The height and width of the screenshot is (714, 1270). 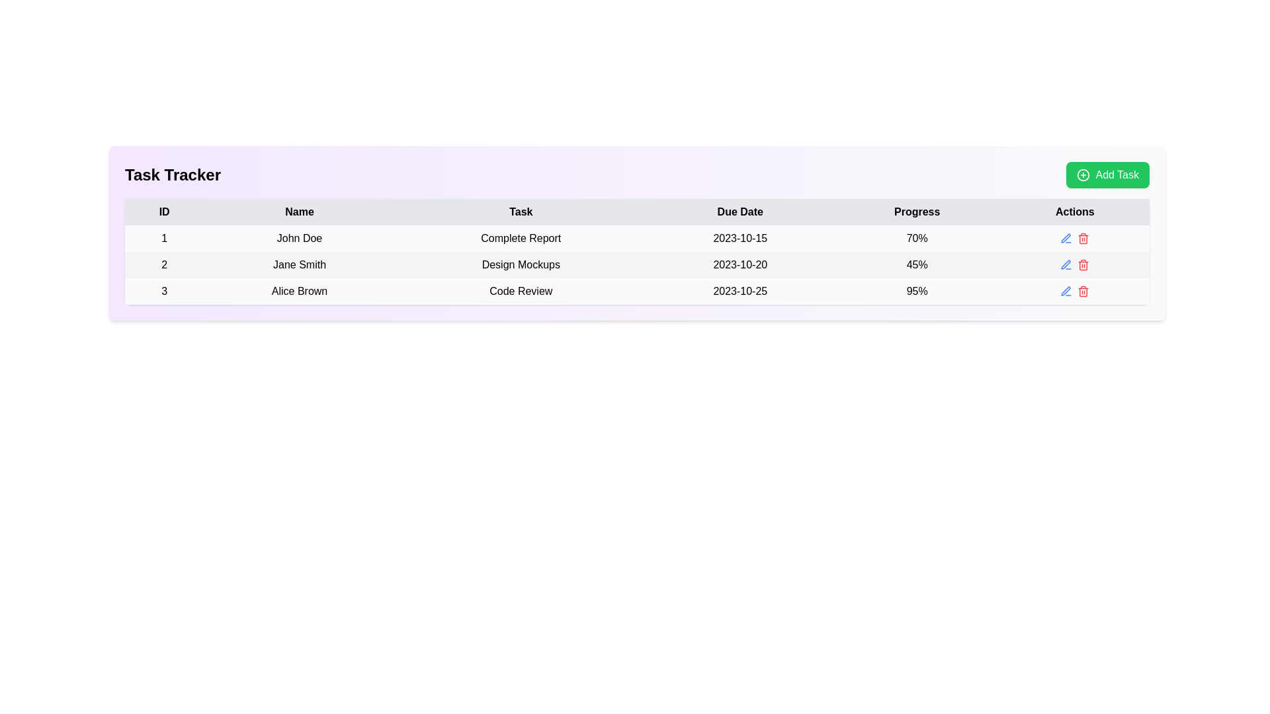 I want to click on date displayed in the table cell that shows '2023-10-20', which is the fourth cell in the second row under the 'Due Date' column, so click(x=740, y=265).